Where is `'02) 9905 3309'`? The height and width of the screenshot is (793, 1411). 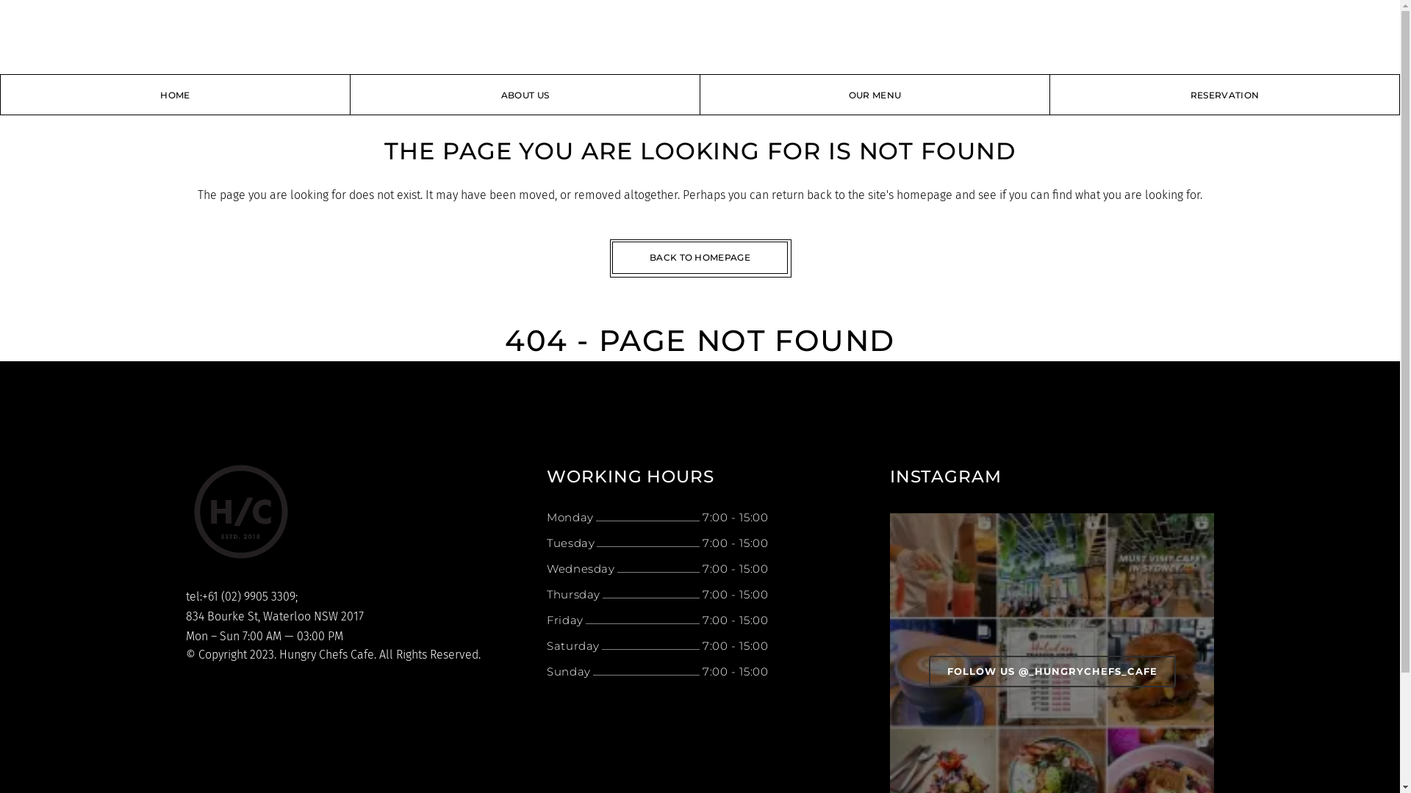
'02) 9905 3309' is located at coordinates (260, 596).